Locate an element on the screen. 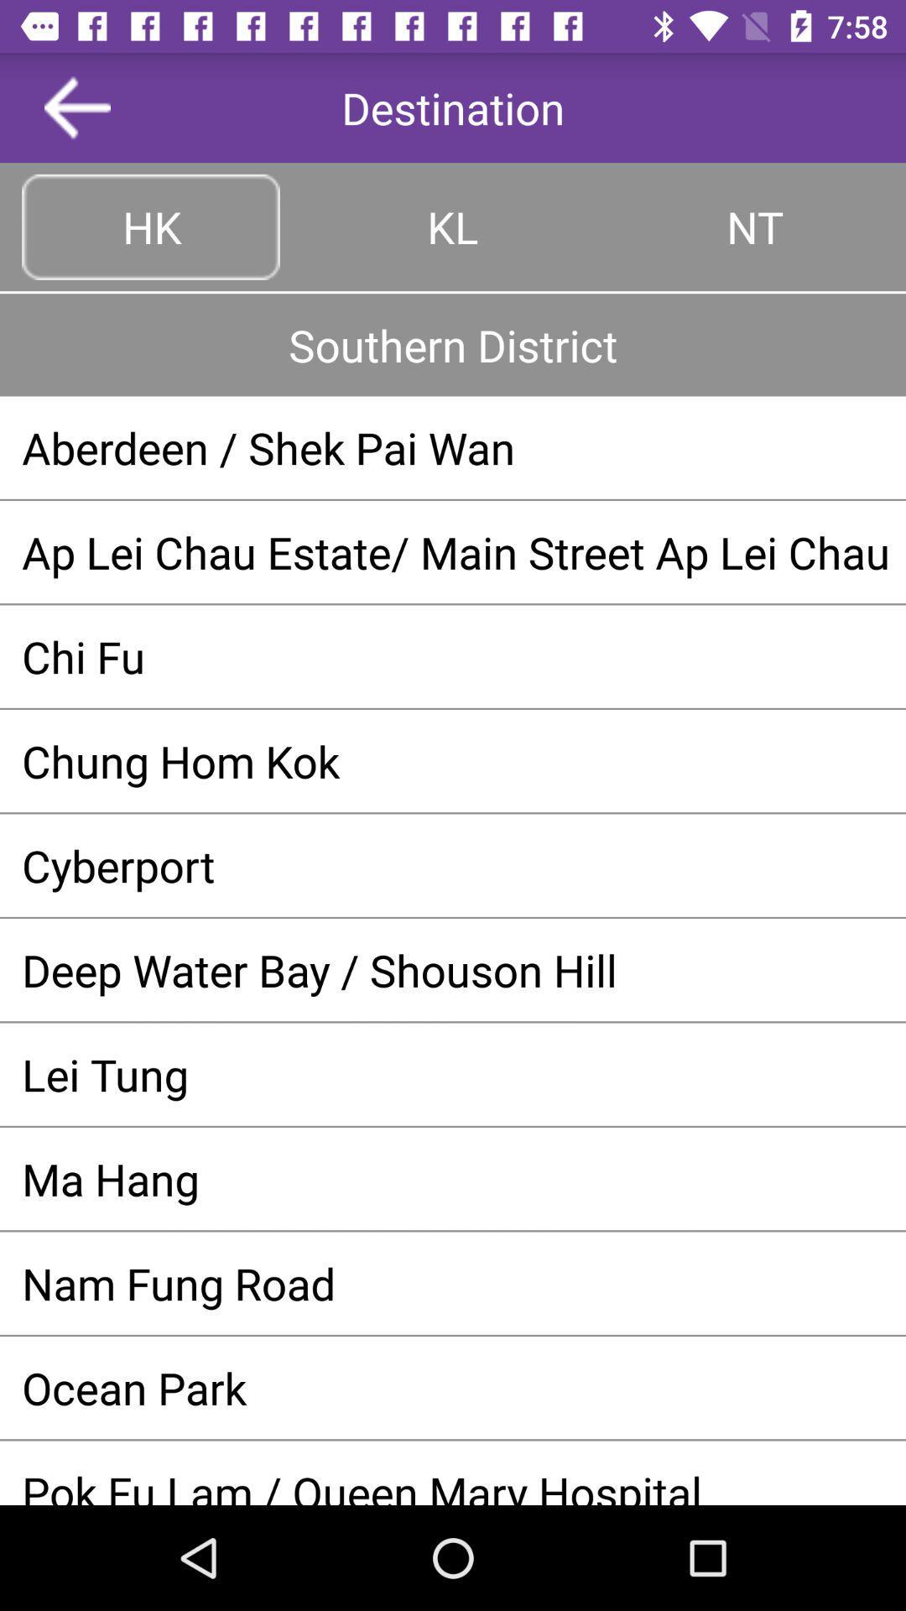 The image size is (906, 1611). app below the aberdeen shek pai app is located at coordinates (453, 552).